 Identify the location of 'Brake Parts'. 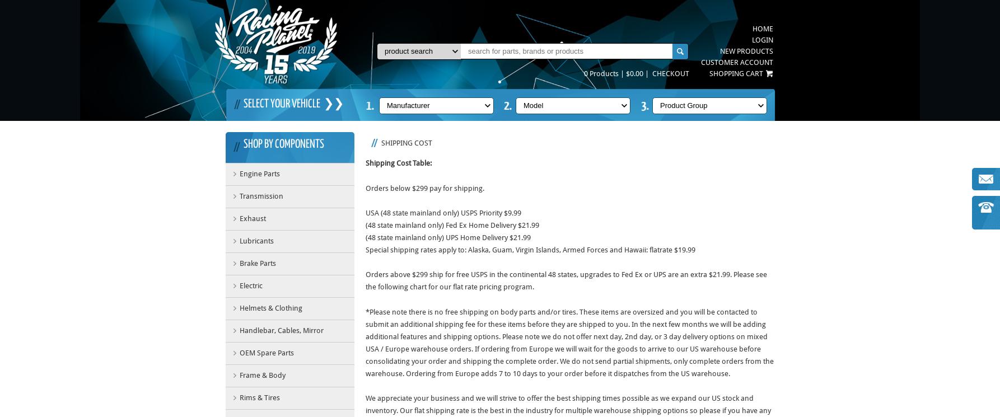
(257, 263).